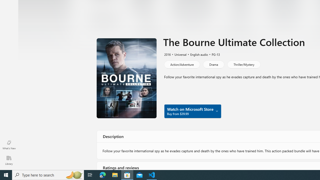 Image resolution: width=320 pixels, height=180 pixels. Describe the element at coordinates (167, 54) in the screenshot. I see `'2016'` at that location.